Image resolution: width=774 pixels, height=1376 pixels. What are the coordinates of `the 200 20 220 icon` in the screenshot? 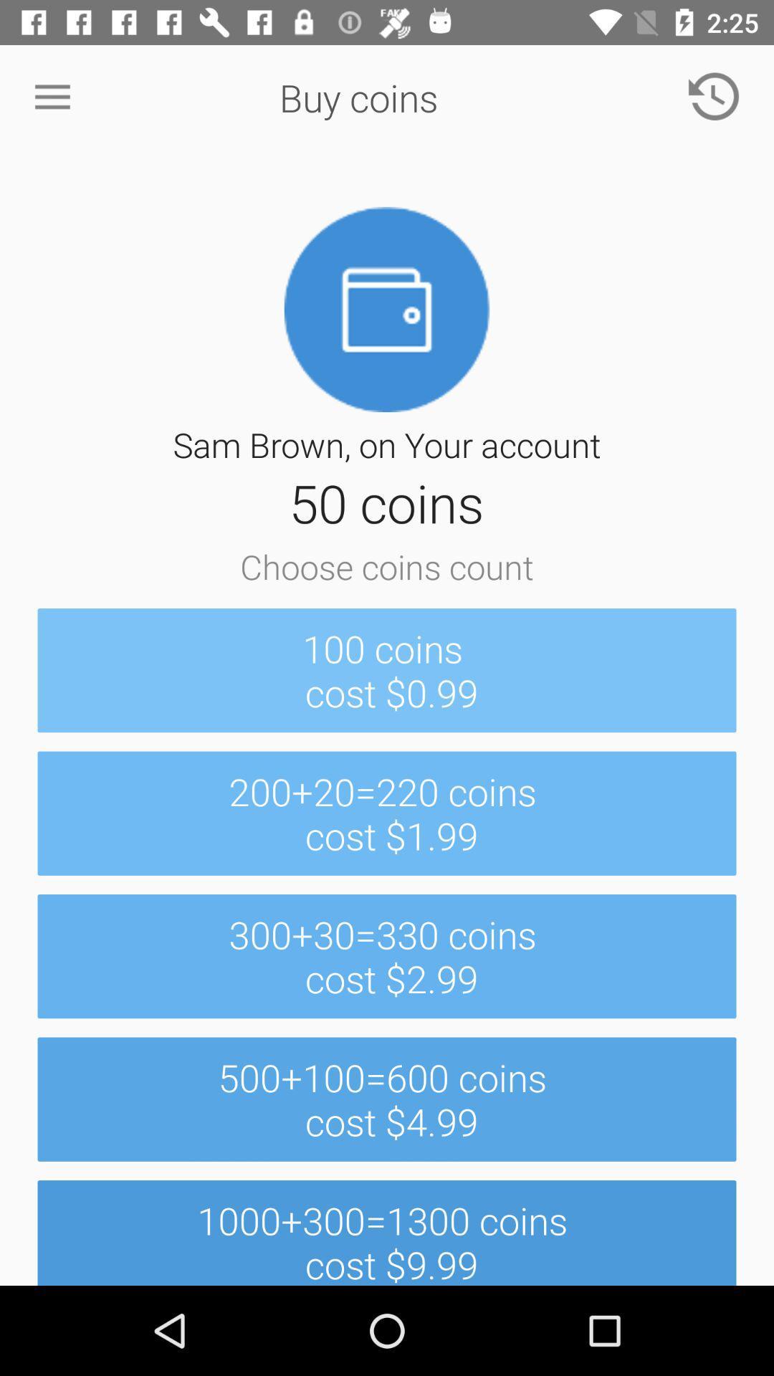 It's located at (387, 813).